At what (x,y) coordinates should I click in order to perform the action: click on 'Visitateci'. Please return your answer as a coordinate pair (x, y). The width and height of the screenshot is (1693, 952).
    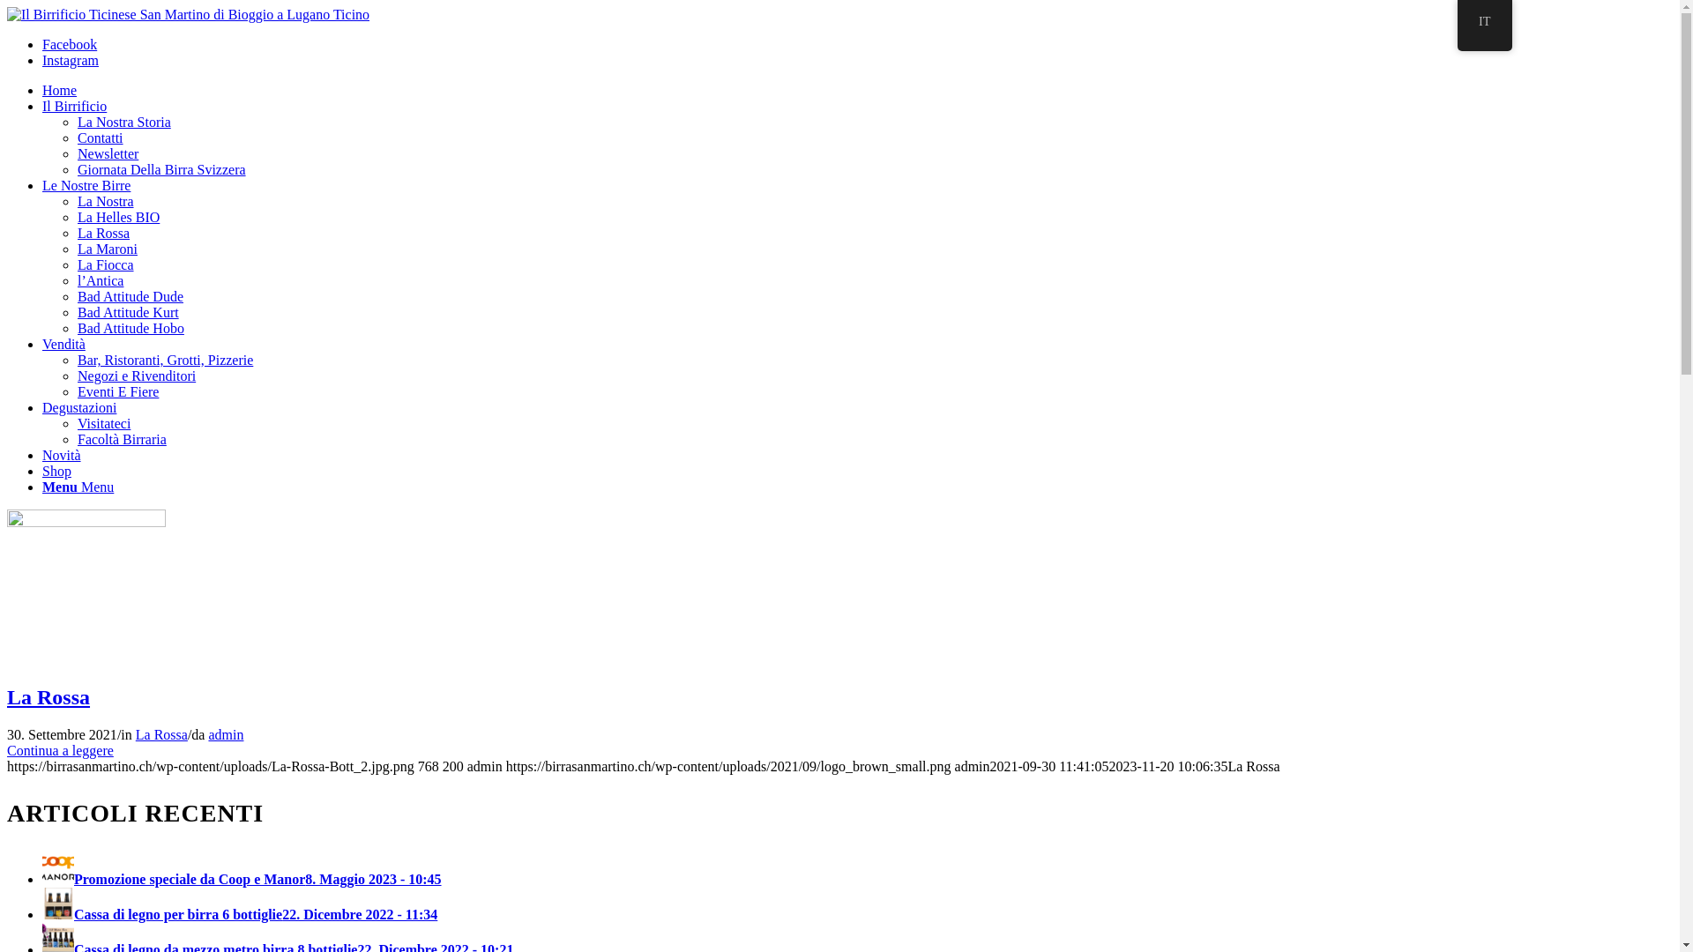
    Looking at the image, I should click on (103, 423).